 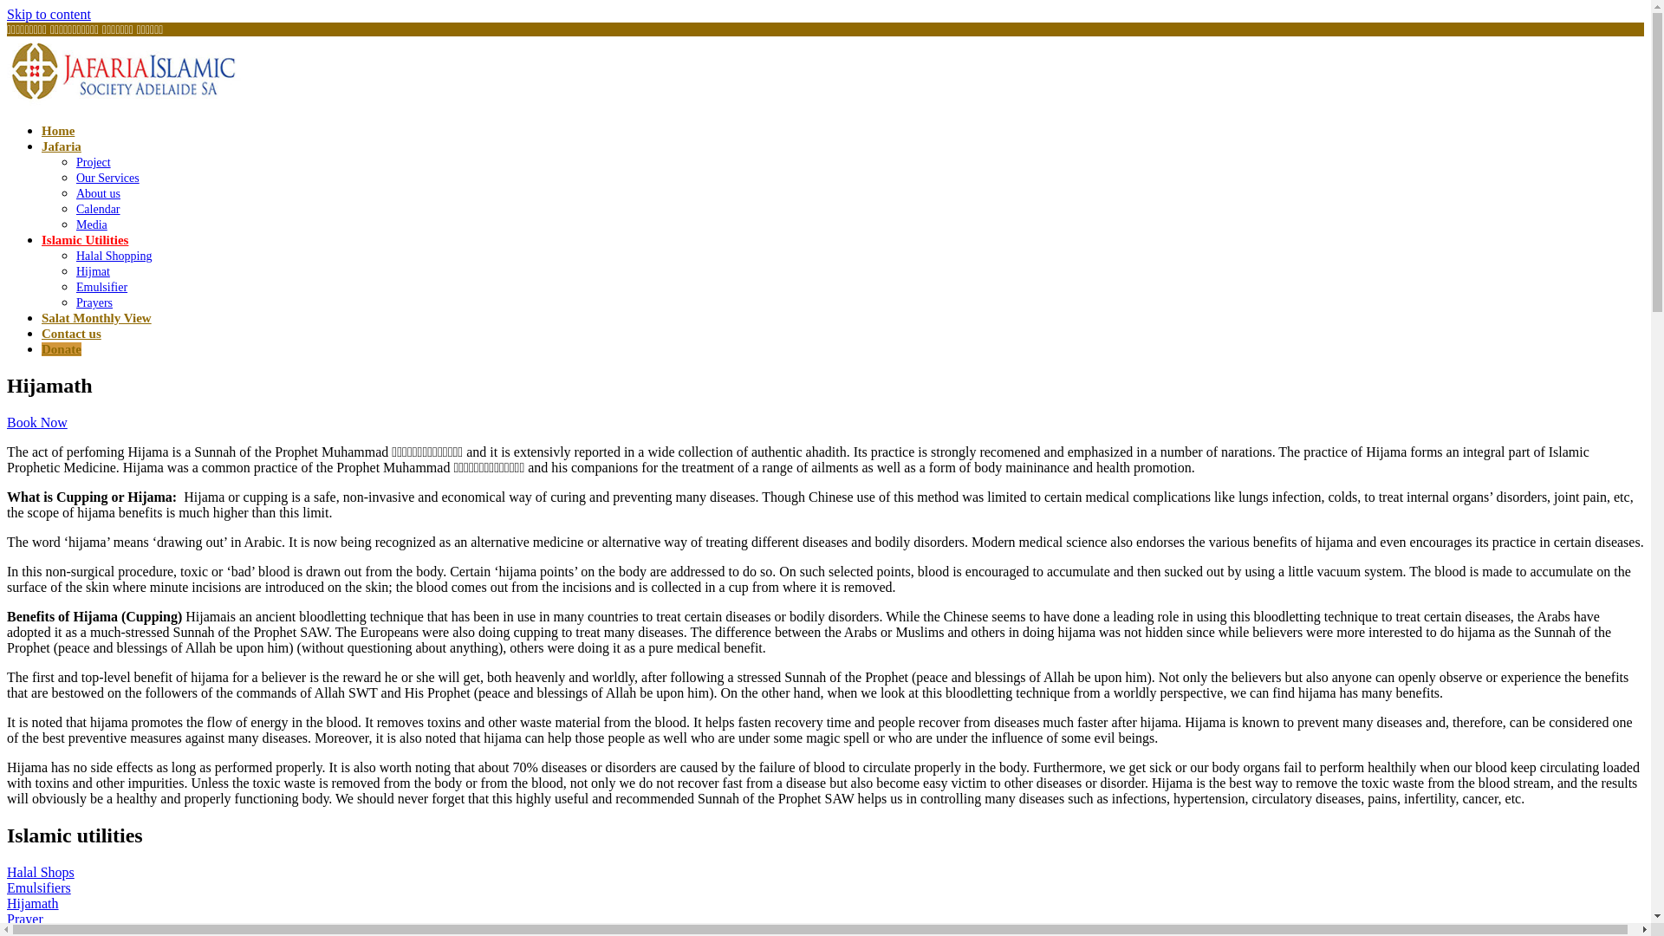 I want to click on 'Skip to content', so click(x=49, y=14).